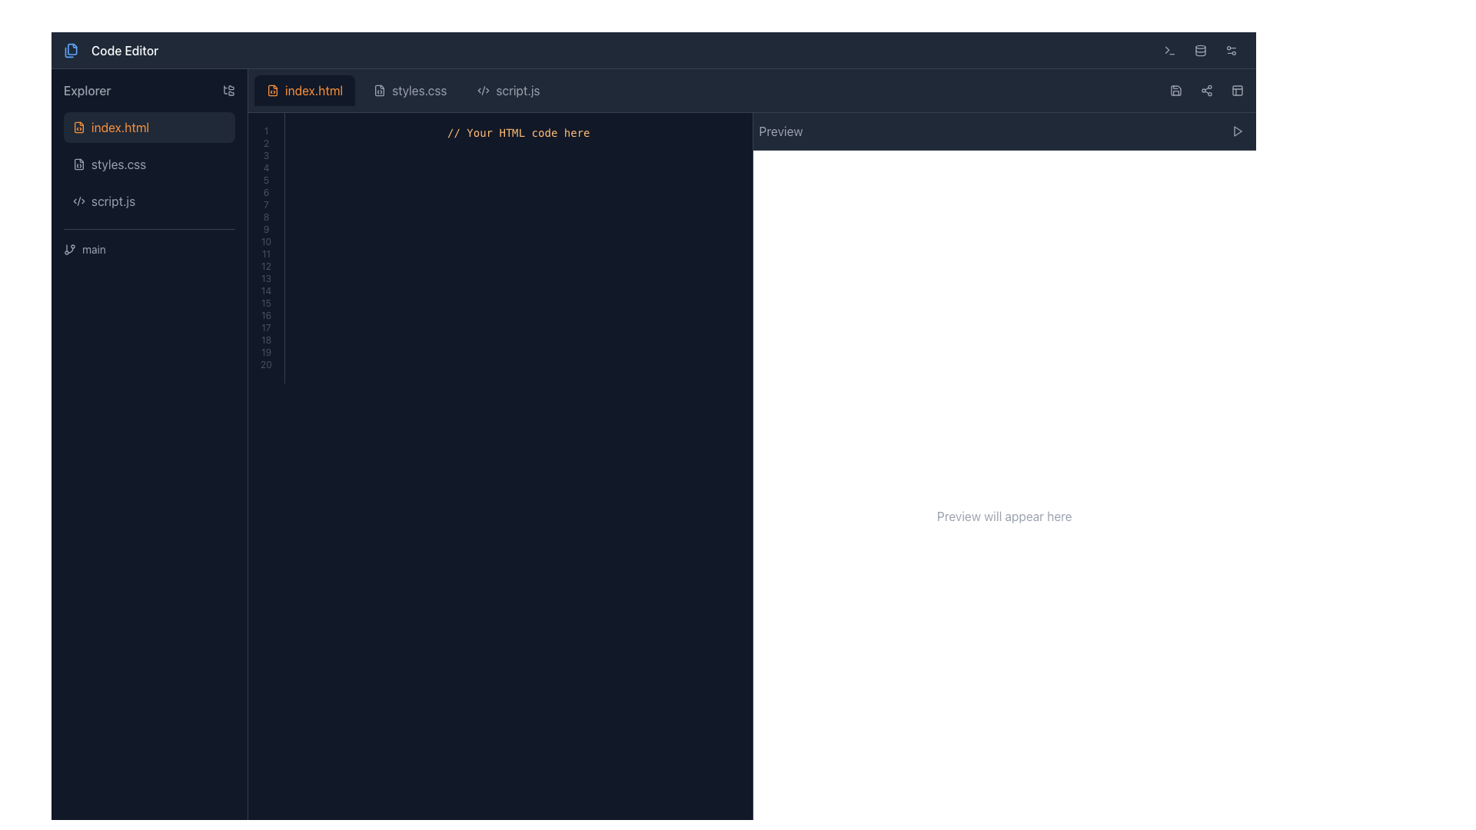 The width and height of the screenshot is (1476, 830). Describe the element at coordinates (266, 266) in the screenshot. I see `the twelfth line number indicator` at that location.